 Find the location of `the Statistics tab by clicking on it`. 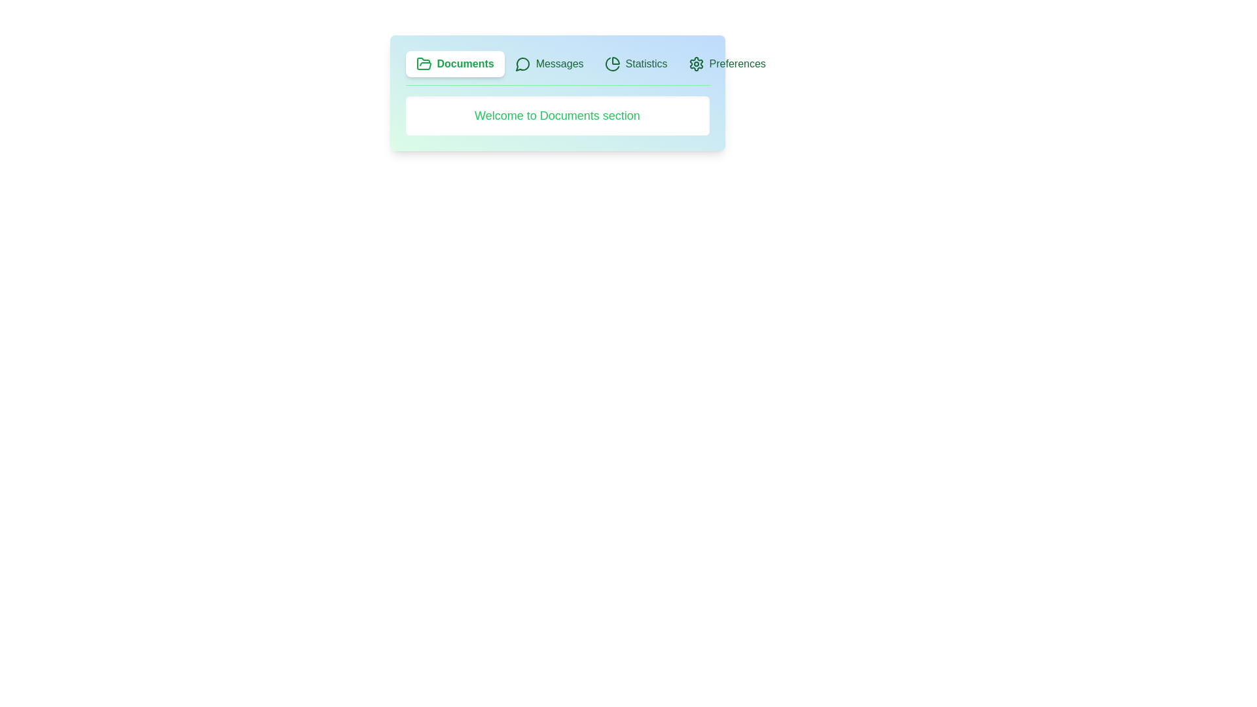

the Statistics tab by clicking on it is located at coordinates (636, 63).